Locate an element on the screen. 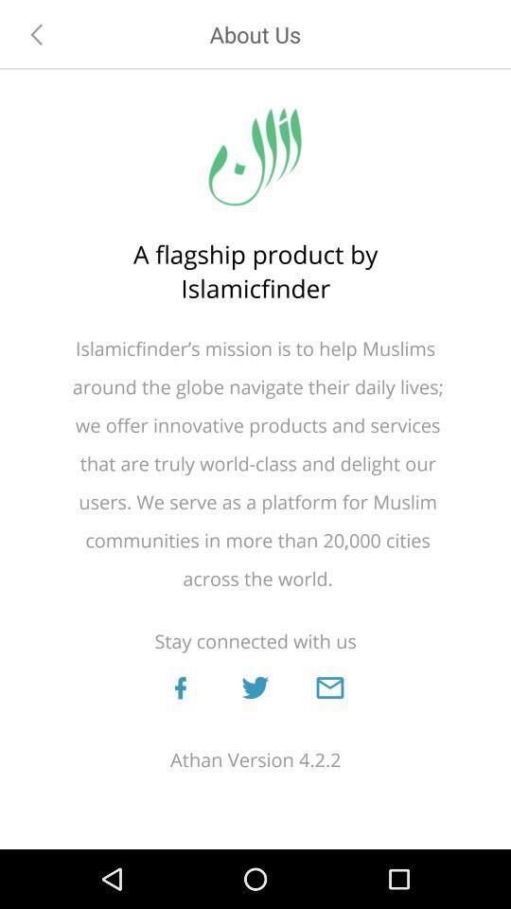 The height and width of the screenshot is (909, 511). previous page is located at coordinates (37, 33).